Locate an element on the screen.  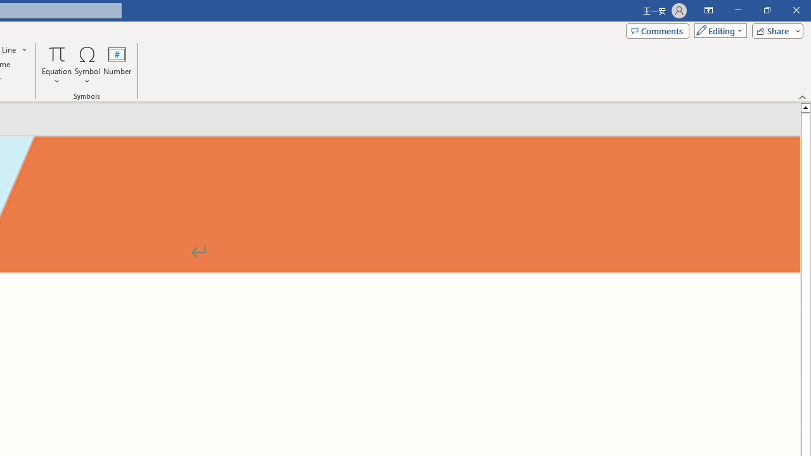
'Mode' is located at coordinates (718, 30).